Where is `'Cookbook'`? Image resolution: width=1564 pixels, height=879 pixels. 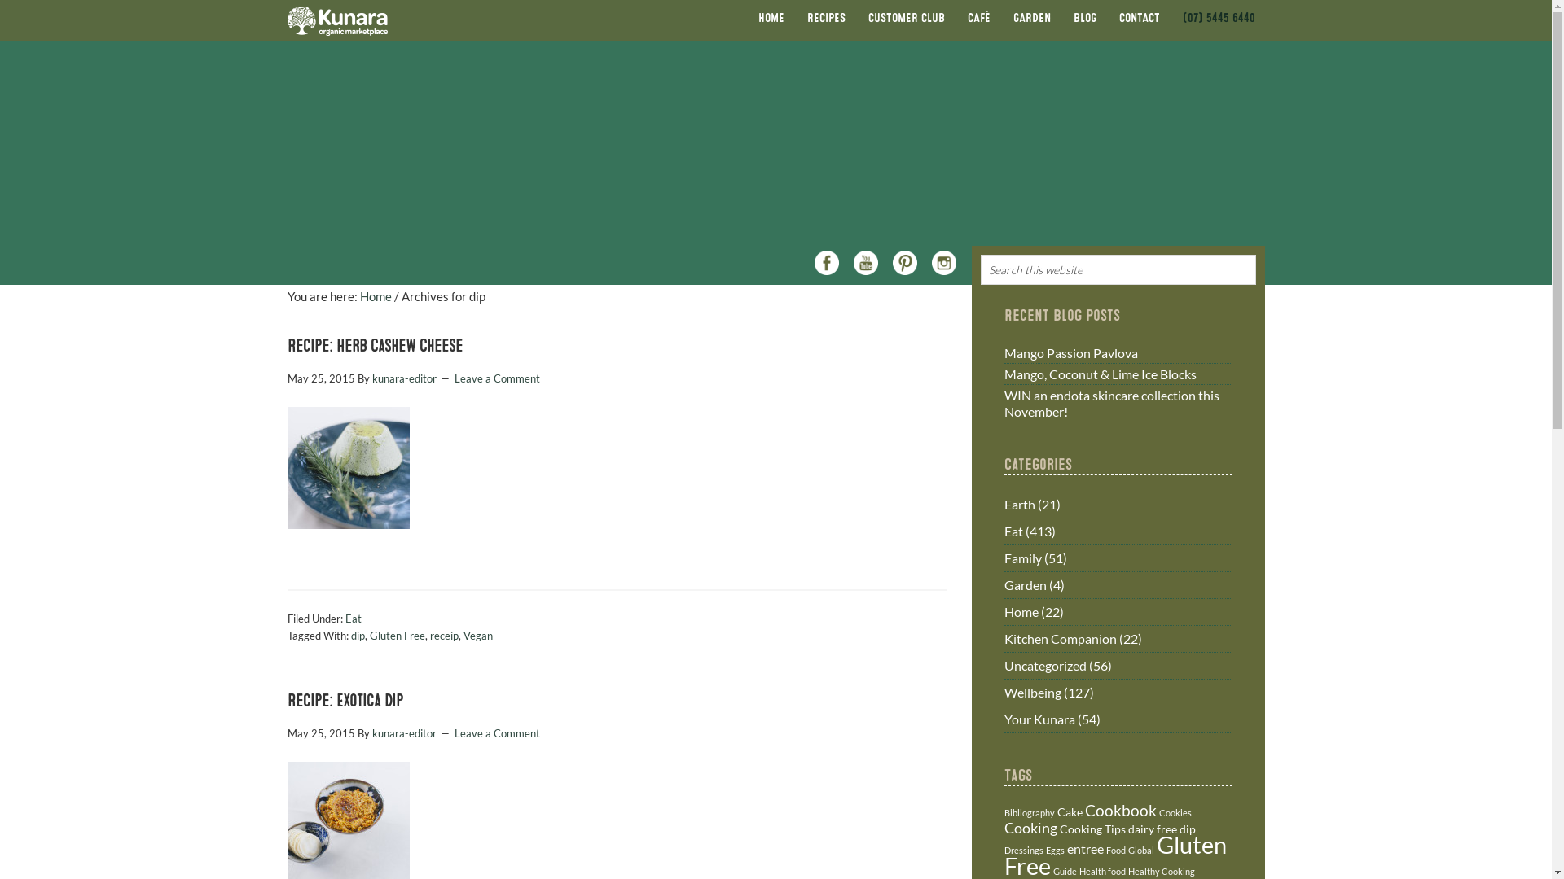 'Cookbook' is located at coordinates (1120, 810).